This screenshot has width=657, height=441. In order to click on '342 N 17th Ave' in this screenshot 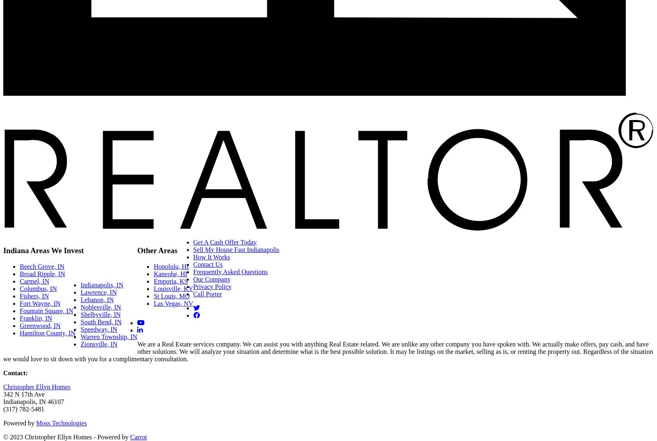, I will do `click(23, 393)`.